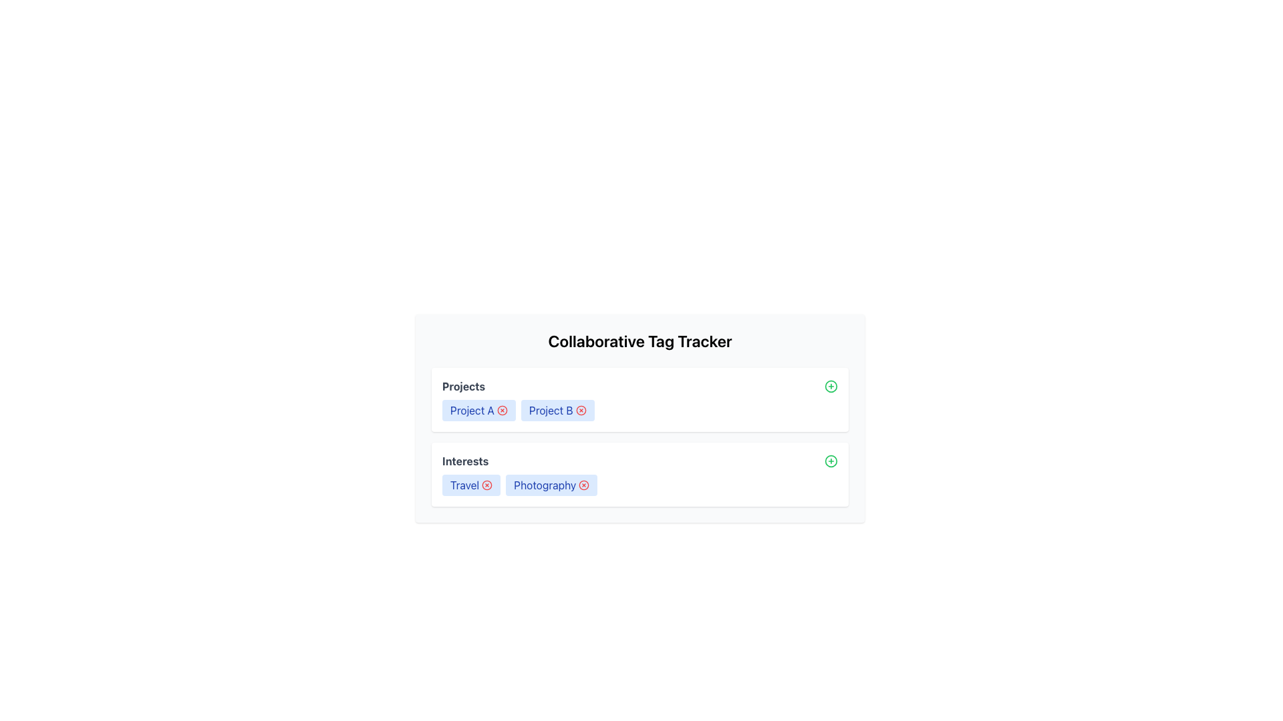  I want to click on the red circular icon indicating removal for the 'Photography' tag in the 'Interests' section, so click(584, 485).